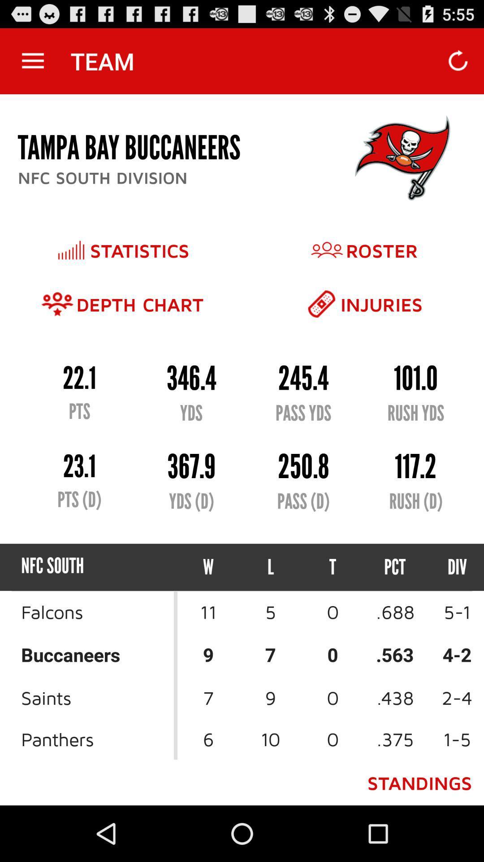  What do you see at coordinates (32, 61) in the screenshot?
I see `icon to the left of the team` at bounding box center [32, 61].